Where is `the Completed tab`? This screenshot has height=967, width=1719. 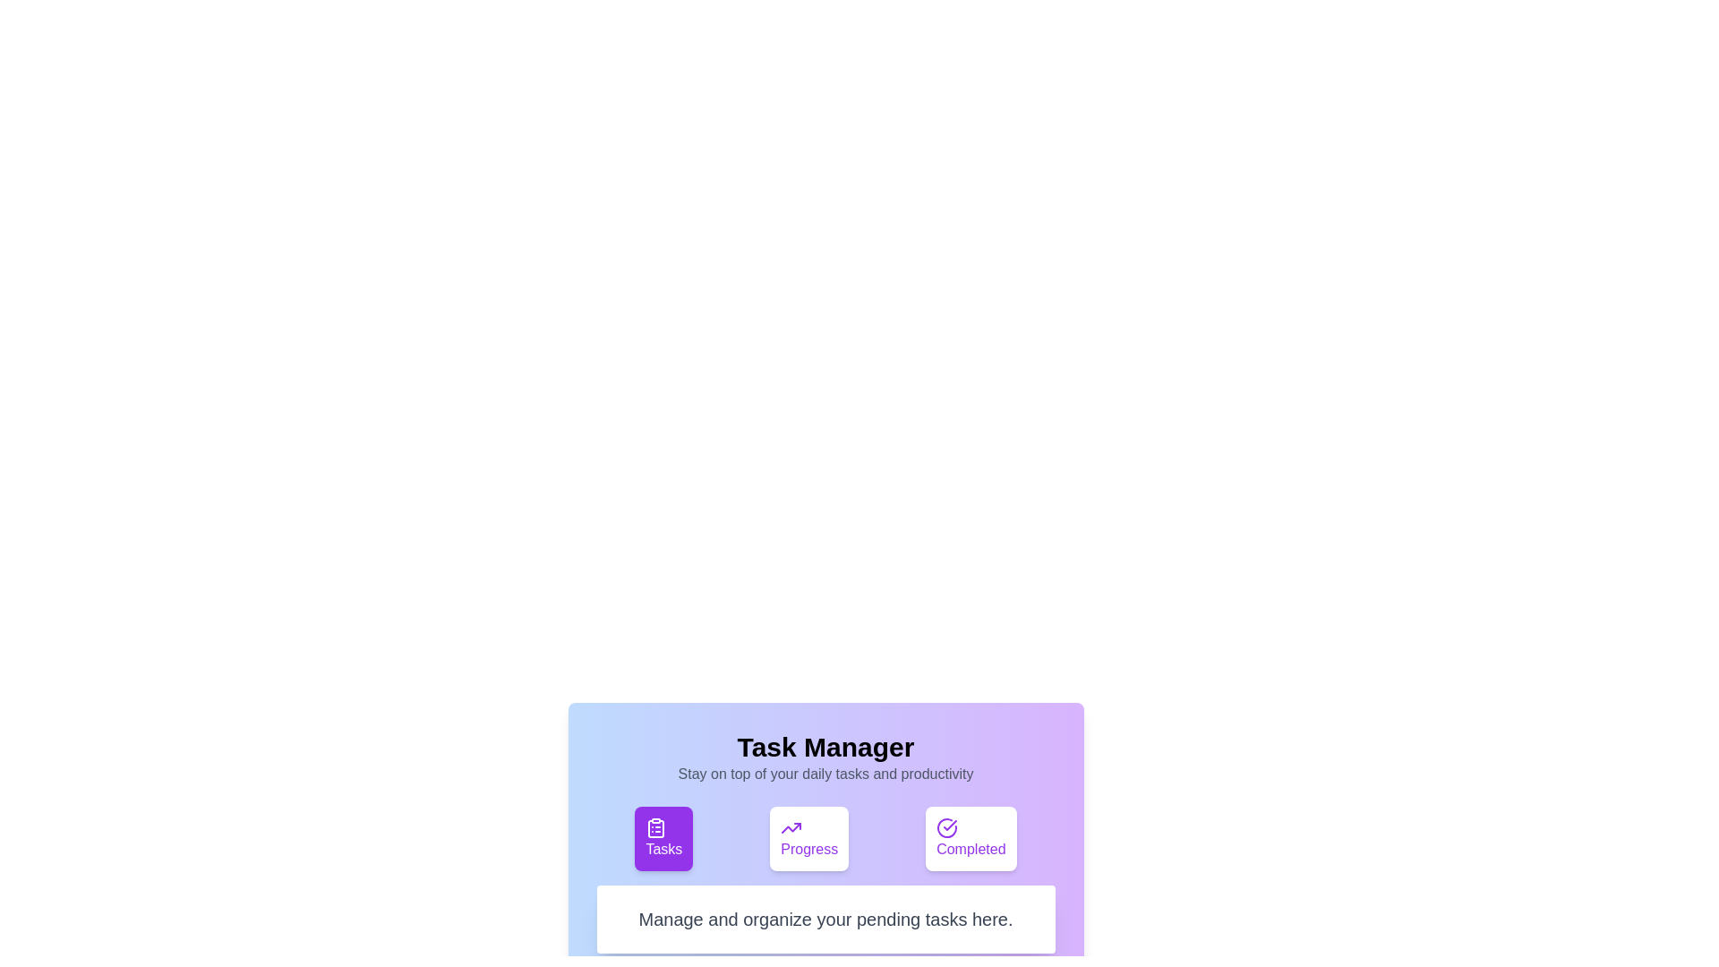
the Completed tab is located at coordinates (970, 839).